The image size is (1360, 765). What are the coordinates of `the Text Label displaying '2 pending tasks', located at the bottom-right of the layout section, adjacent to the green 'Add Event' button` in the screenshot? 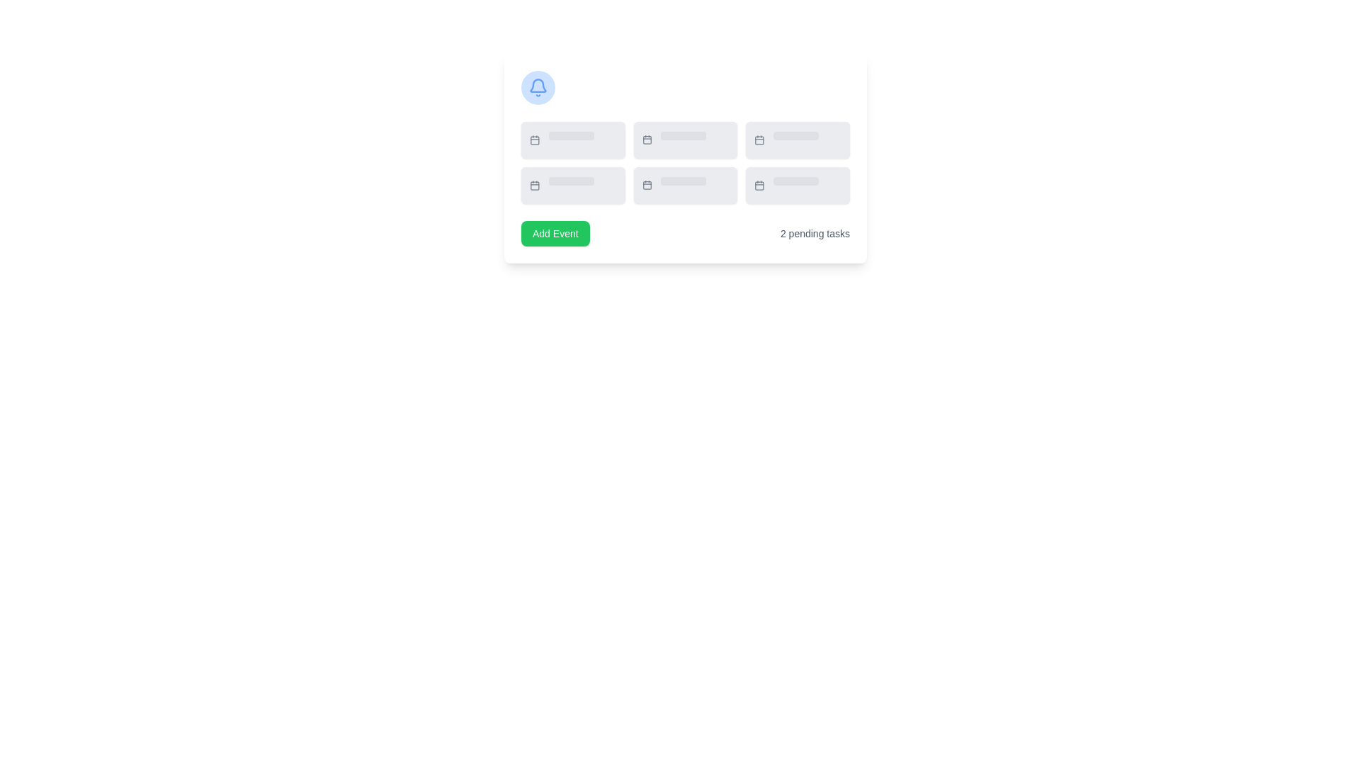 It's located at (815, 233).